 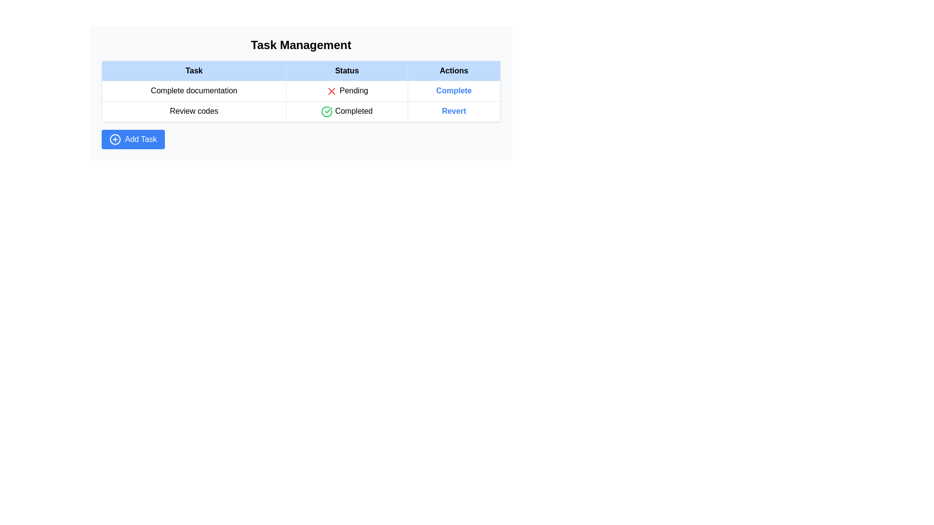 What do you see at coordinates (453, 91) in the screenshot?
I see `the 'Complete' hyperlink in the 'Actions' column of the 'Task Management' table to observe visual feedback` at bounding box center [453, 91].